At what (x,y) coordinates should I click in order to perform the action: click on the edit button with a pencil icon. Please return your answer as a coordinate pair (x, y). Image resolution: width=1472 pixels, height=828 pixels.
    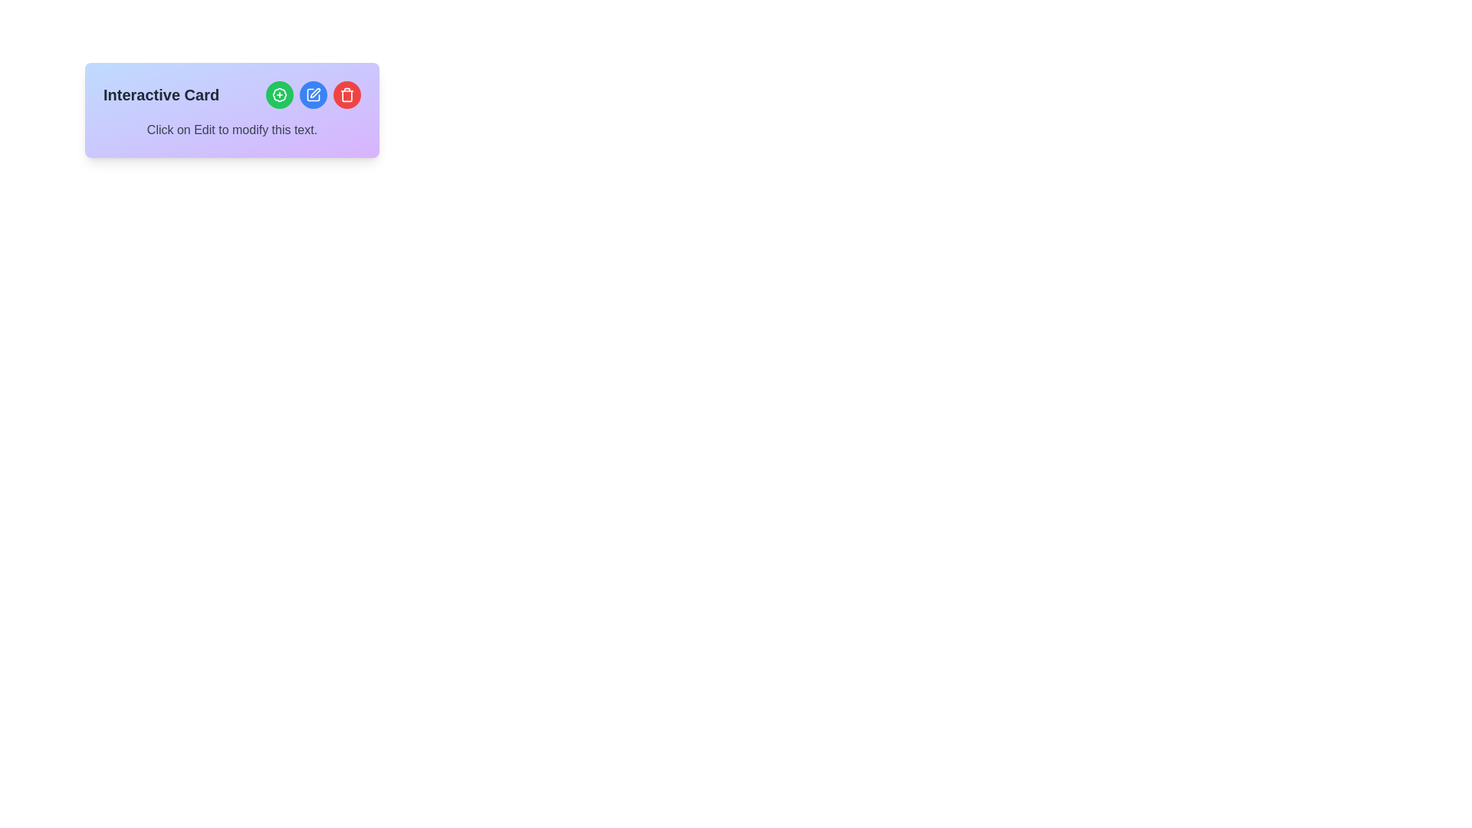
    Looking at the image, I should click on (312, 94).